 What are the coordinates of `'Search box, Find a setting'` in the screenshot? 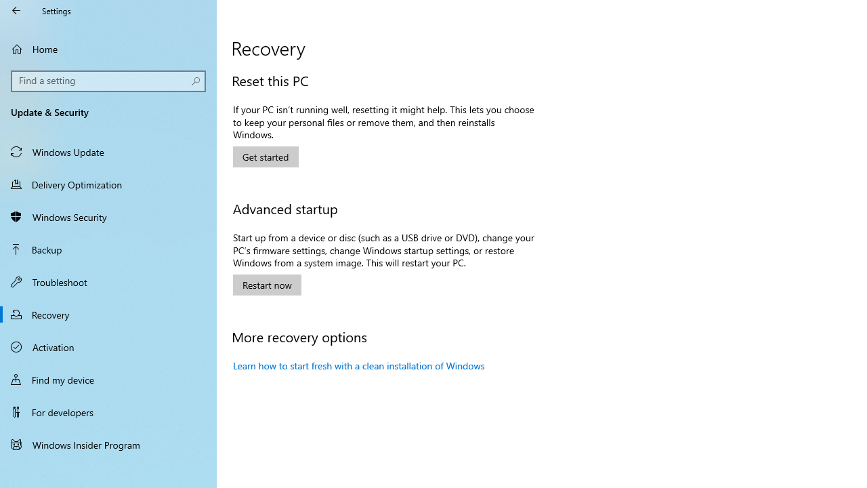 It's located at (108, 81).